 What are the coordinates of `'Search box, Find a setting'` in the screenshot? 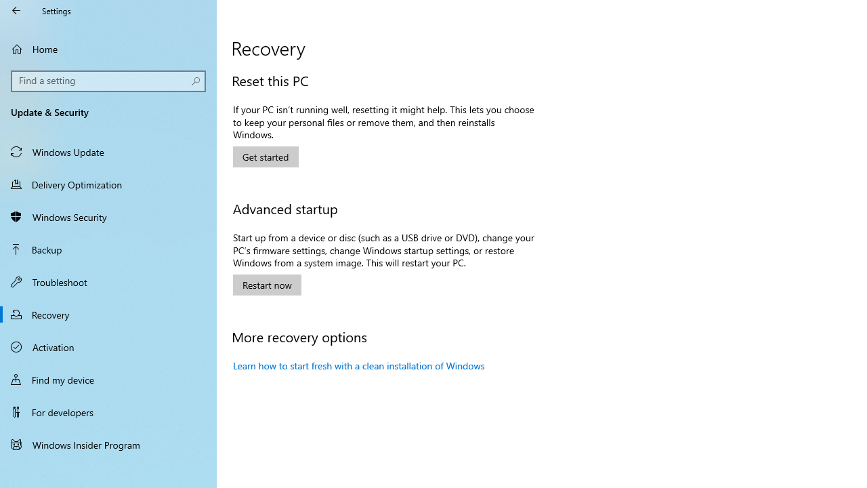 It's located at (108, 81).